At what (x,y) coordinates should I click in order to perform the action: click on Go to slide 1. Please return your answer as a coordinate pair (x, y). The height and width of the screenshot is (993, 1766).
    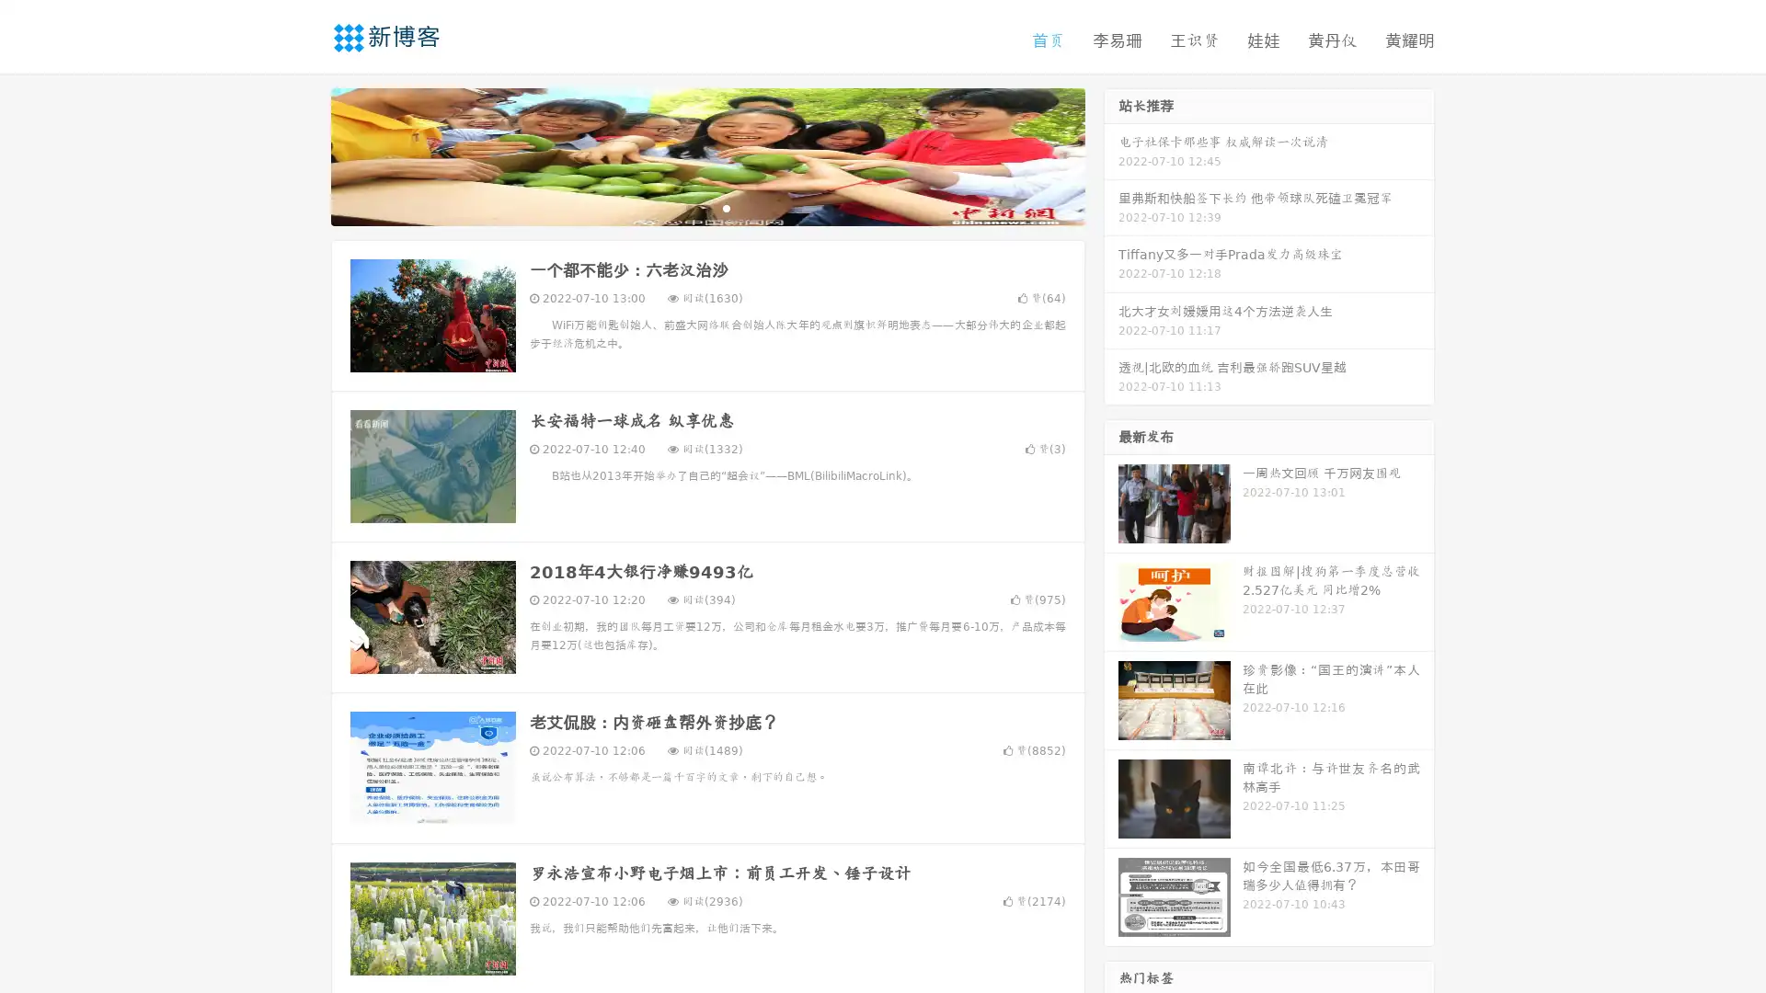
    Looking at the image, I should click on (688, 207).